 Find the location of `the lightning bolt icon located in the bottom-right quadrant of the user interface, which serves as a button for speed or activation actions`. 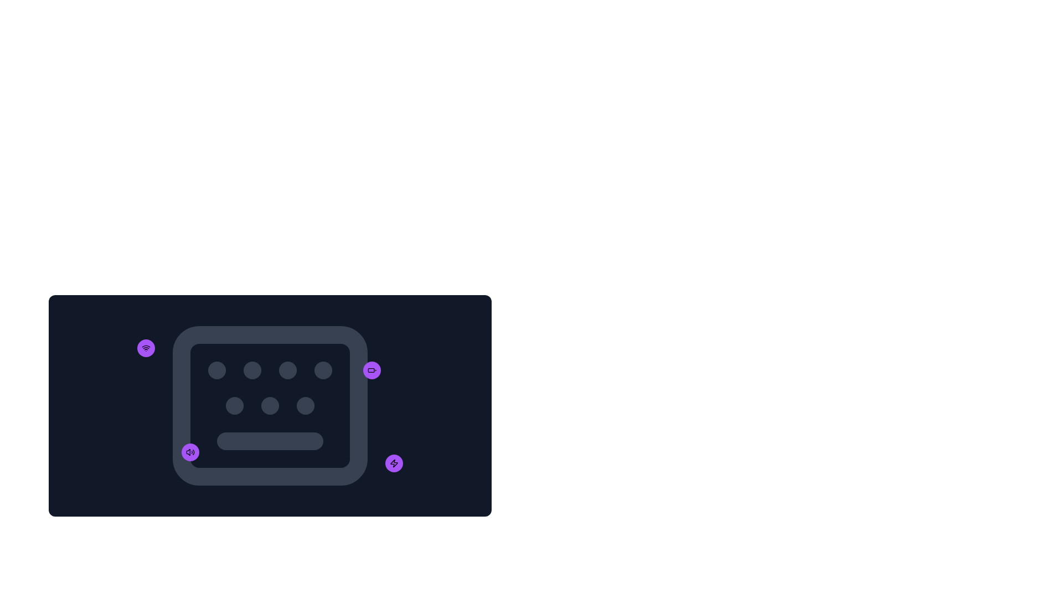

the lightning bolt icon located in the bottom-right quadrant of the user interface, which serves as a button for speed or activation actions is located at coordinates (394, 463).